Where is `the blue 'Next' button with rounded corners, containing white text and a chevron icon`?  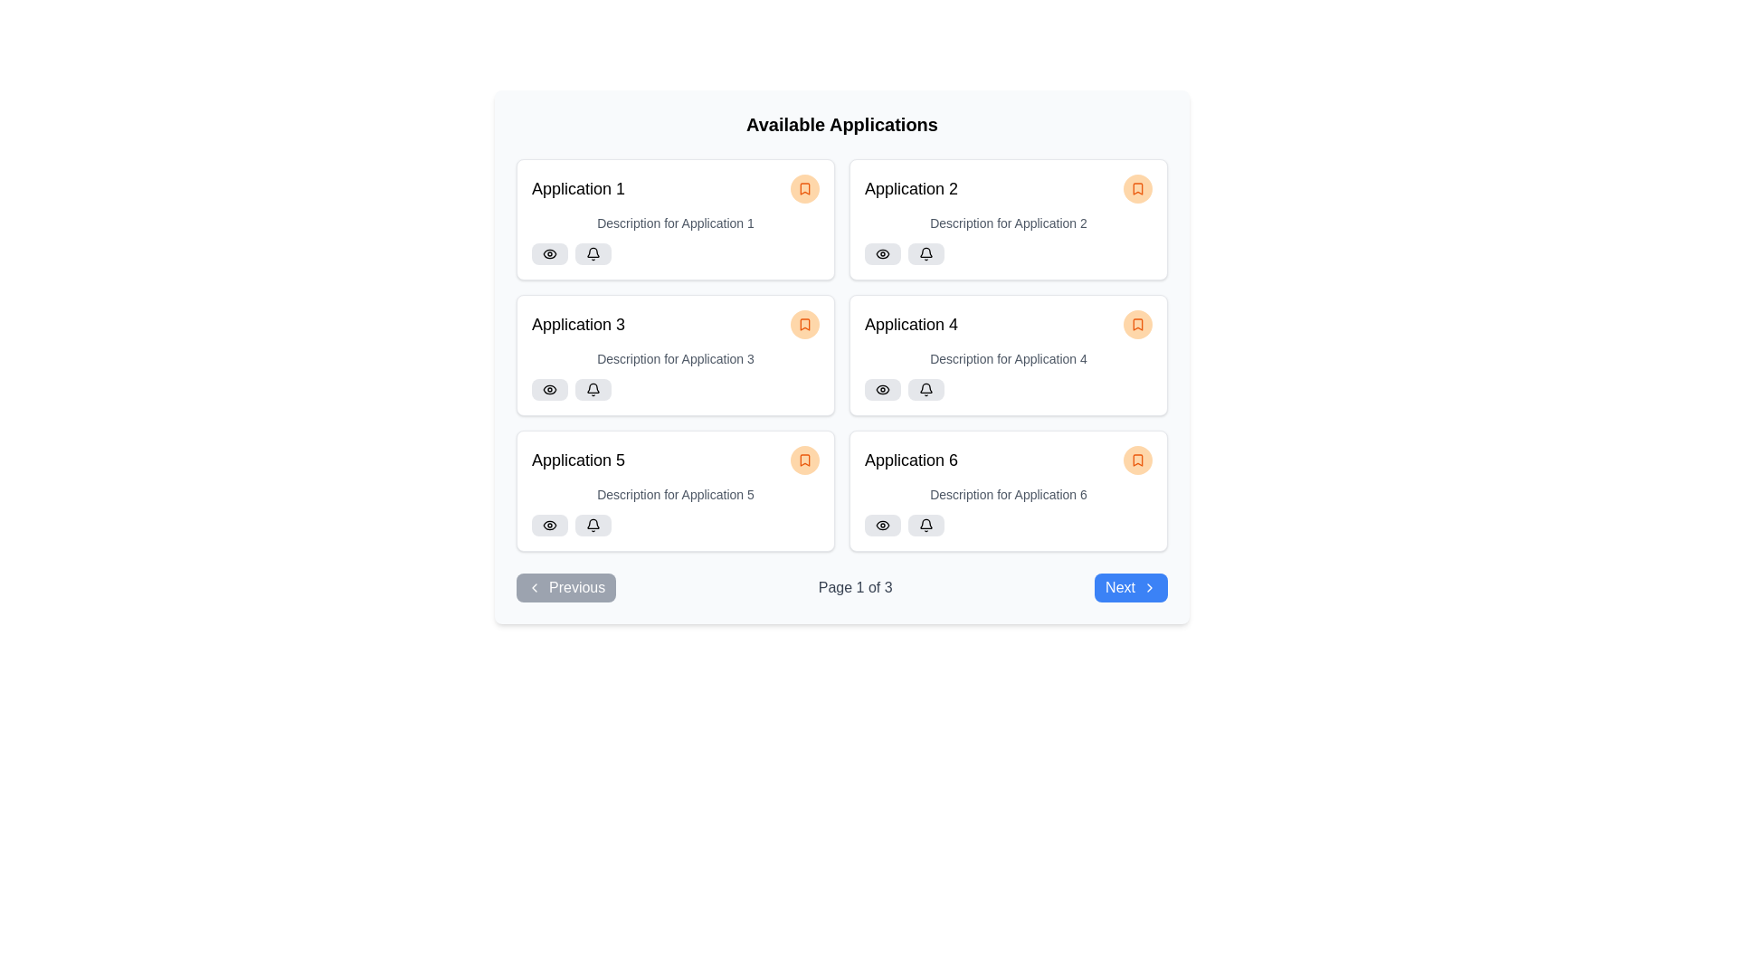 the blue 'Next' button with rounded corners, containing white text and a chevron icon is located at coordinates (1129, 588).